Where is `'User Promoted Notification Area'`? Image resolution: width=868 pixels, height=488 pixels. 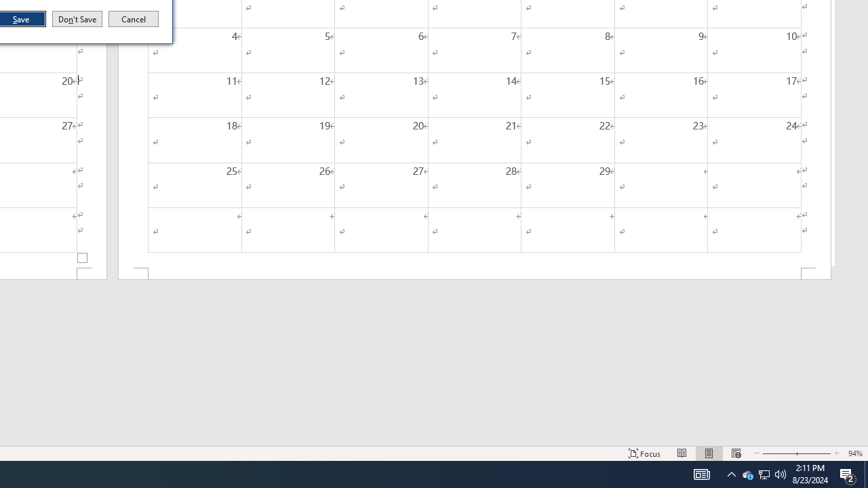
'User Promoted Notification Area' is located at coordinates (764, 473).